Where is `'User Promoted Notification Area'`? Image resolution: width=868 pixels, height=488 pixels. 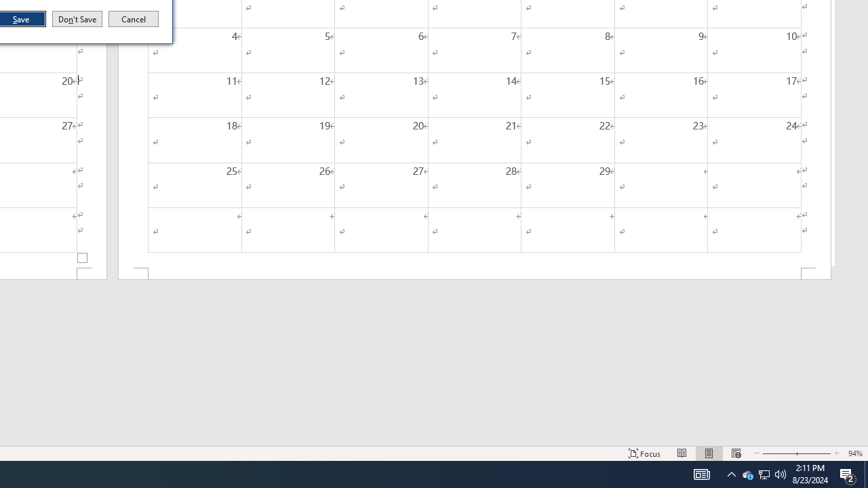
'User Promoted Notification Area' is located at coordinates (764, 473).